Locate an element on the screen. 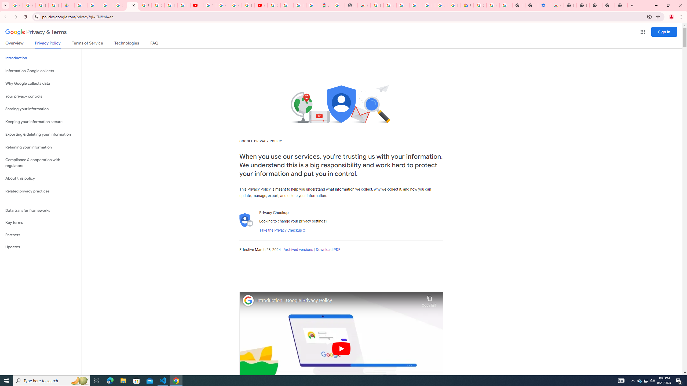  'Settings - Accessibility' is located at coordinates (544, 5).